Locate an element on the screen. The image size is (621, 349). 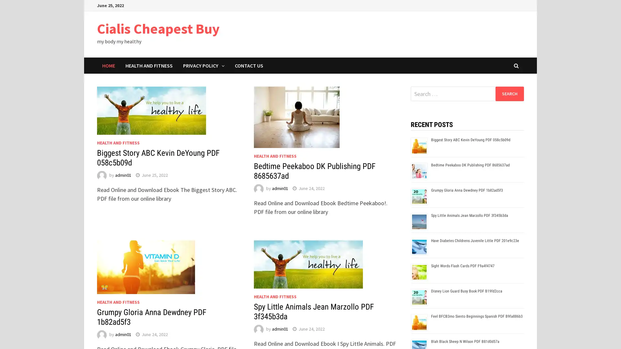
Search is located at coordinates (509, 93).